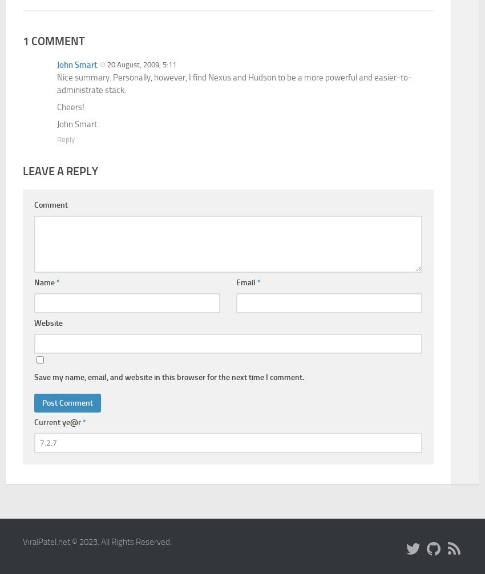 This screenshot has height=574, width=485. Describe the element at coordinates (107, 514) in the screenshot. I see `'20 August, 2009, 5:11'` at that location.